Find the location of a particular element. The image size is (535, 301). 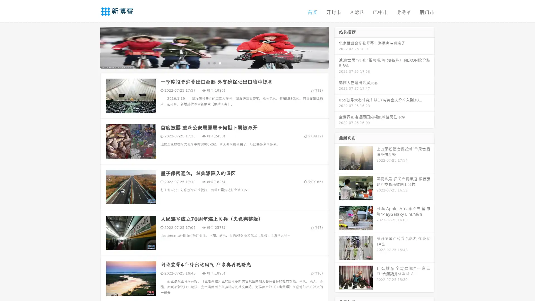

Go to slide 2 is located at coordinates (214, 63).